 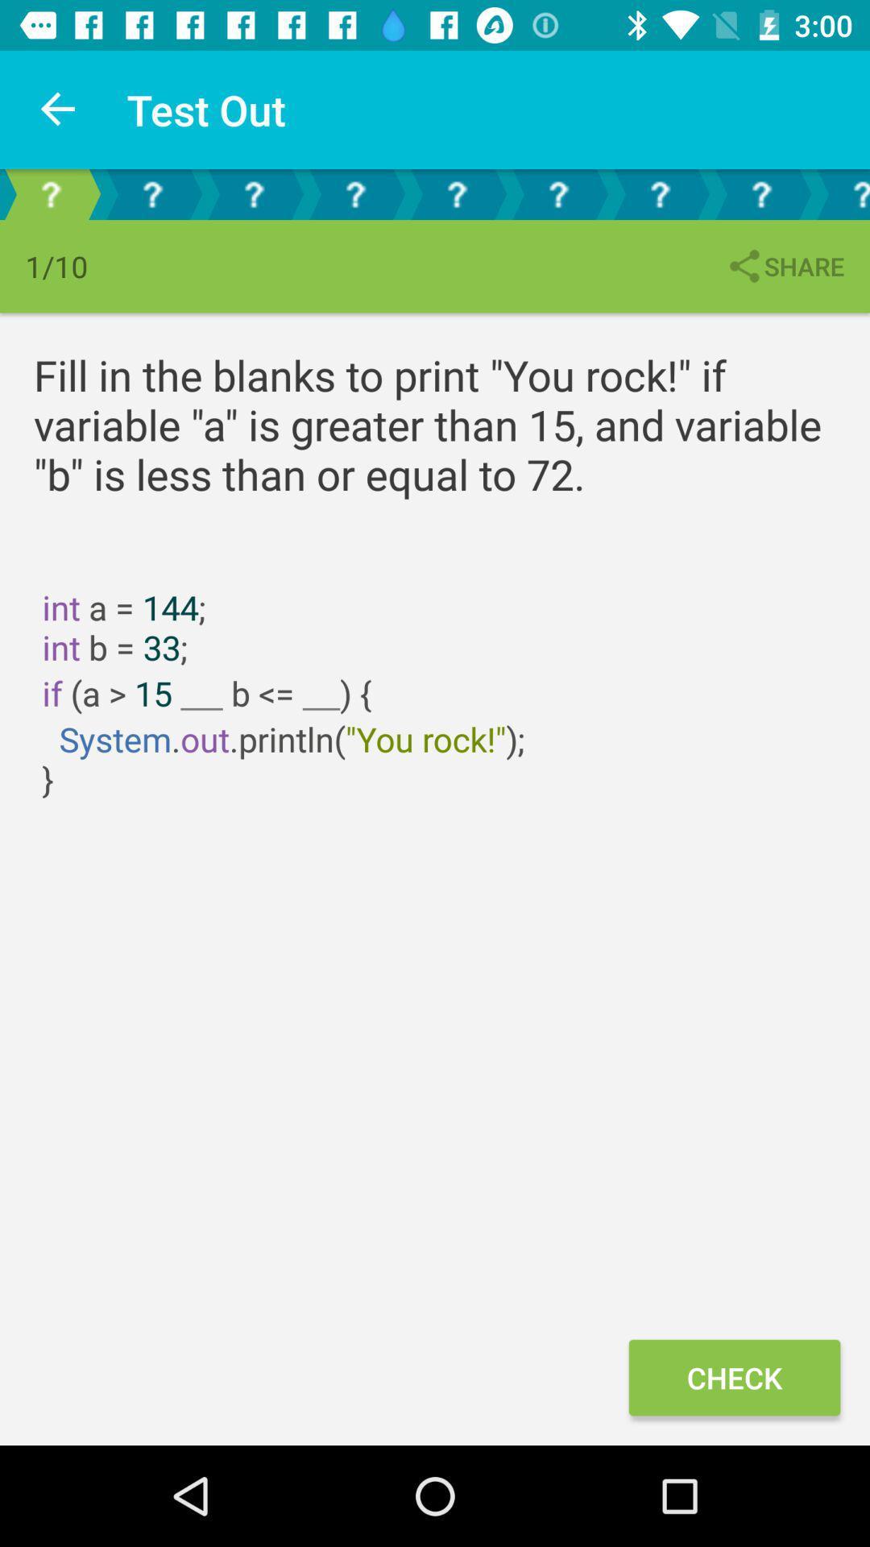 I want to click on the help icon, so click(x=761, y=193).